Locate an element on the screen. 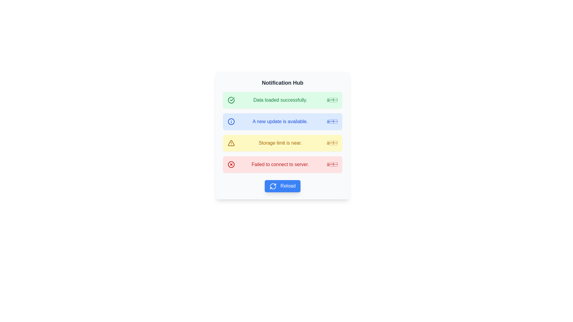 The image size is (573, 322). the green circular checkmark icon within the topmost notification card is located at coordinates (231, 100).